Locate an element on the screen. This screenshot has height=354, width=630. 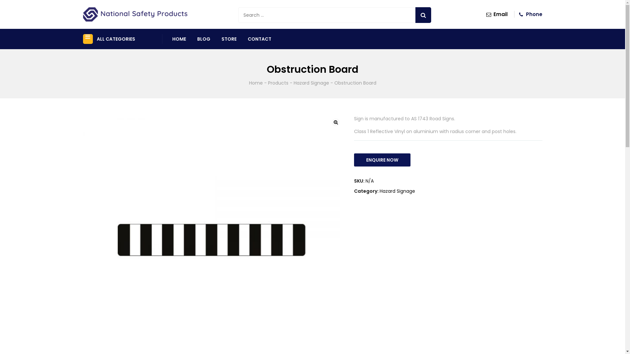
'National Safety Products' is located at coordinates (135, 14).